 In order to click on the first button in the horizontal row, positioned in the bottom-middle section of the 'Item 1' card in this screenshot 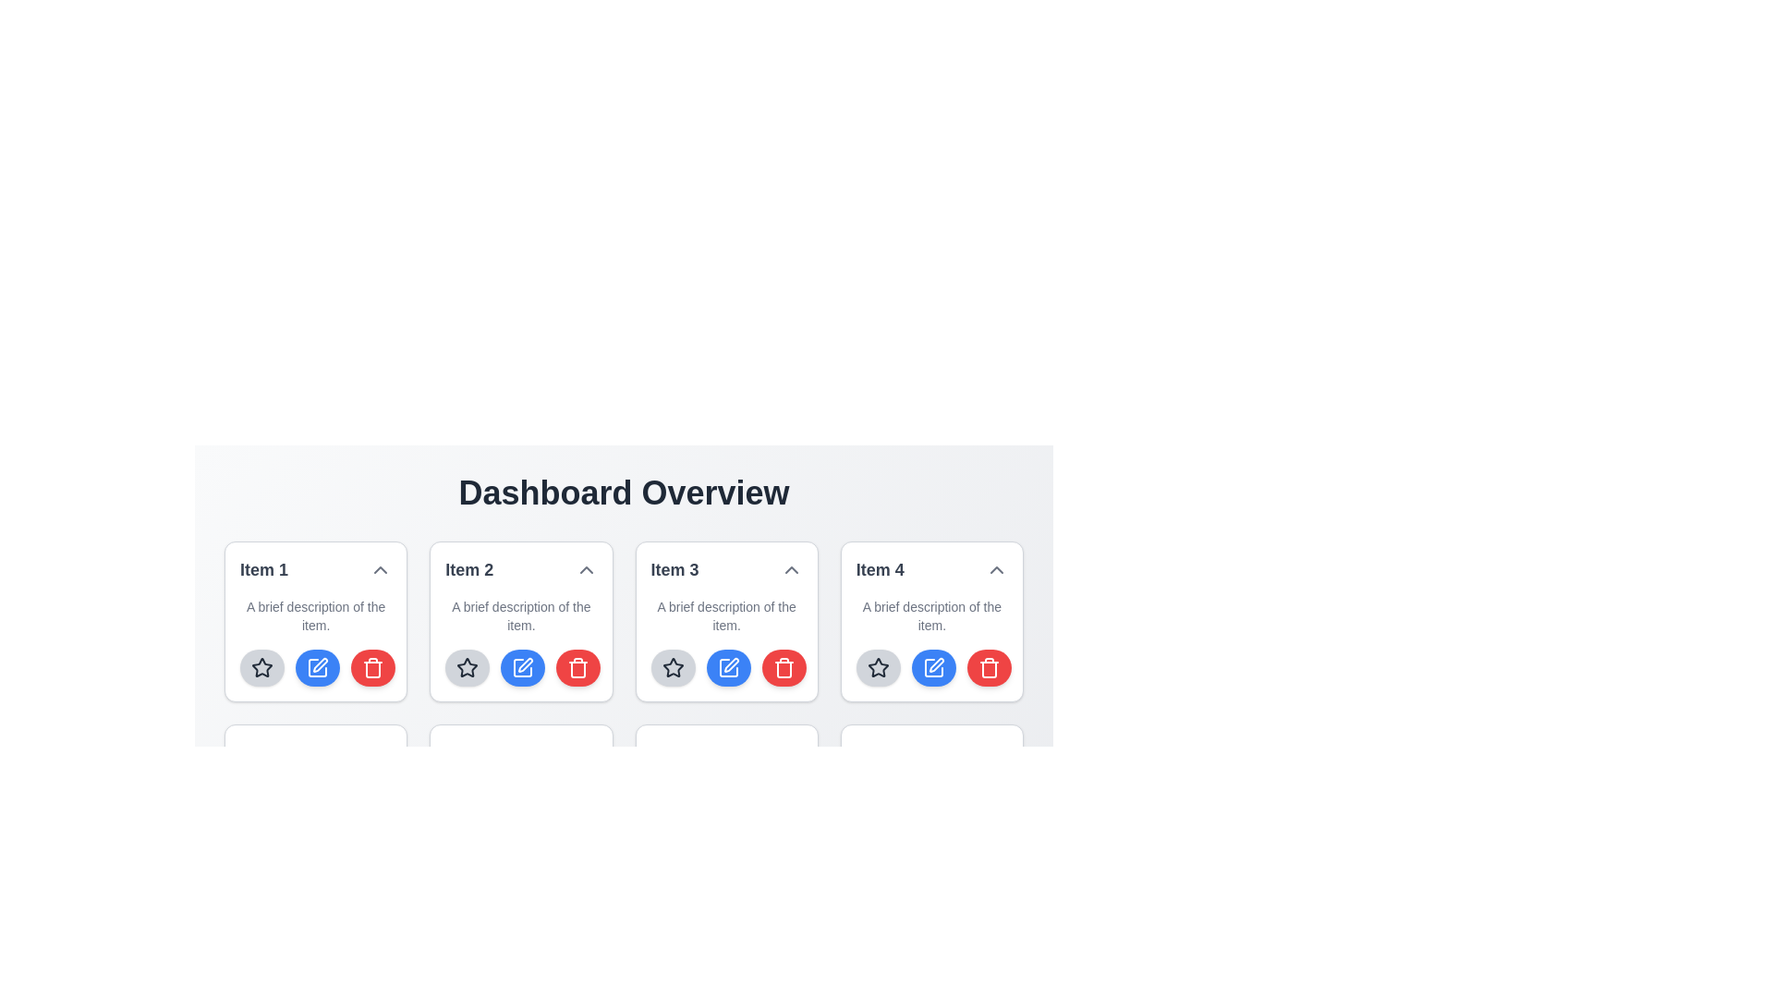, I will do `click(261, 851)`.